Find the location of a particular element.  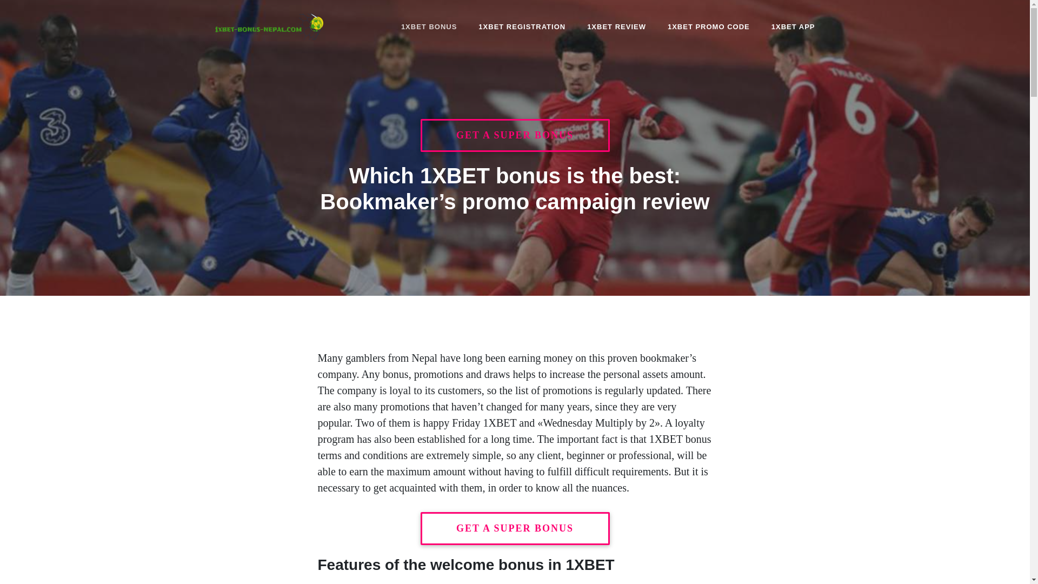

'GET A SUPER BONUS' is located at coordinates (515, 135).